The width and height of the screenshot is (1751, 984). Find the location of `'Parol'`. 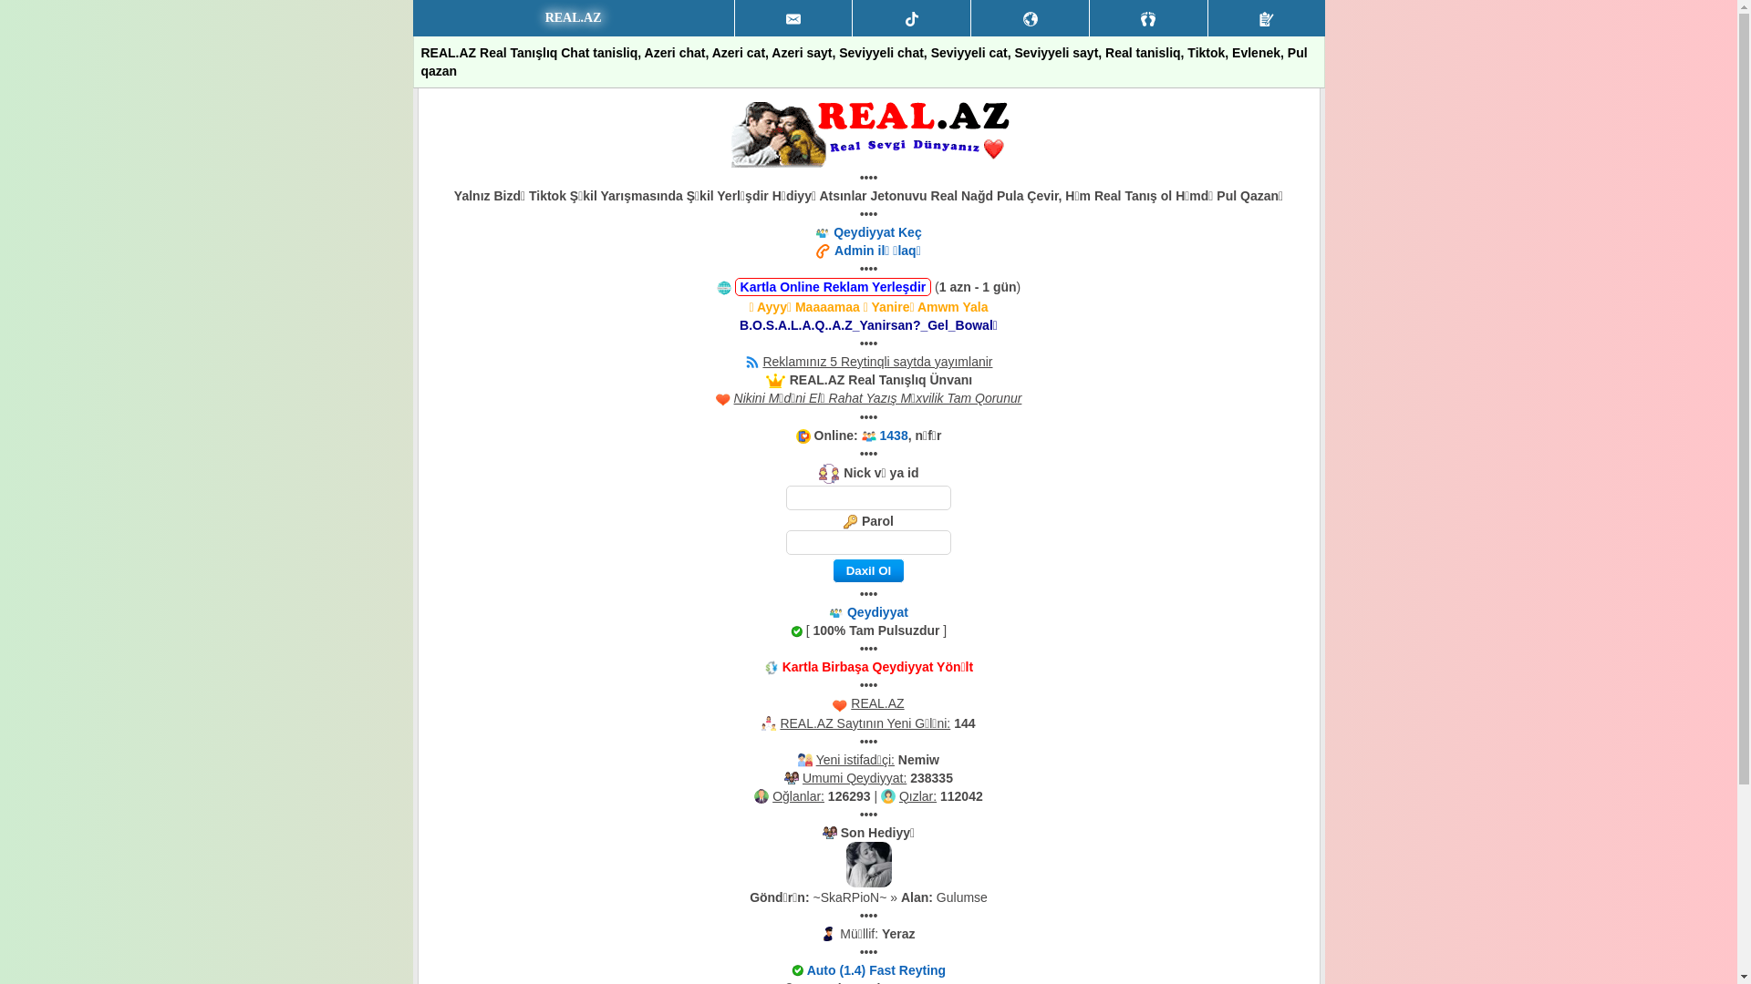

'Parol' is located at coordinates (867, 541).